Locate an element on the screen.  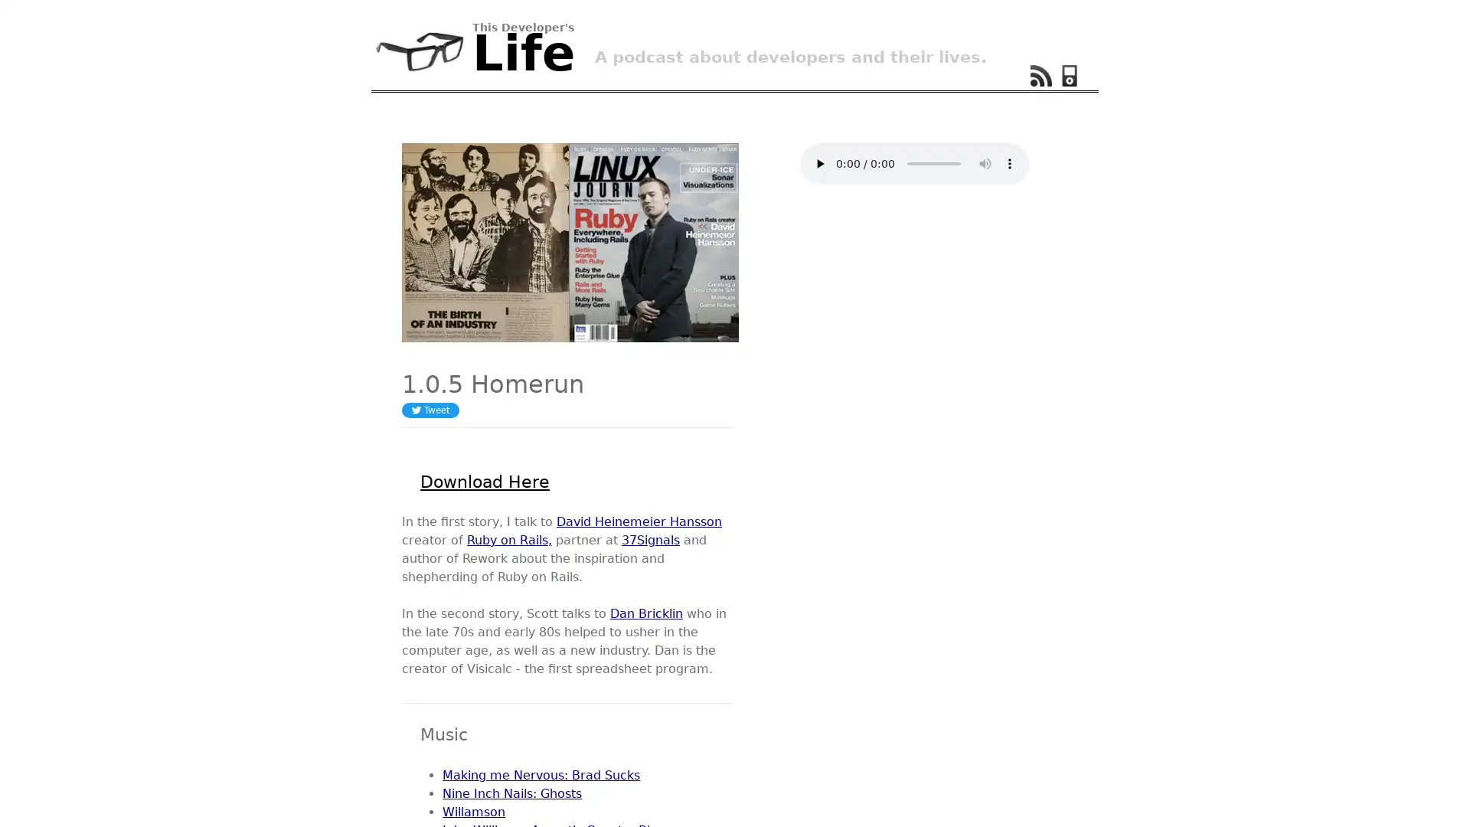
show more media controls is located at coordinates (1010, 163).